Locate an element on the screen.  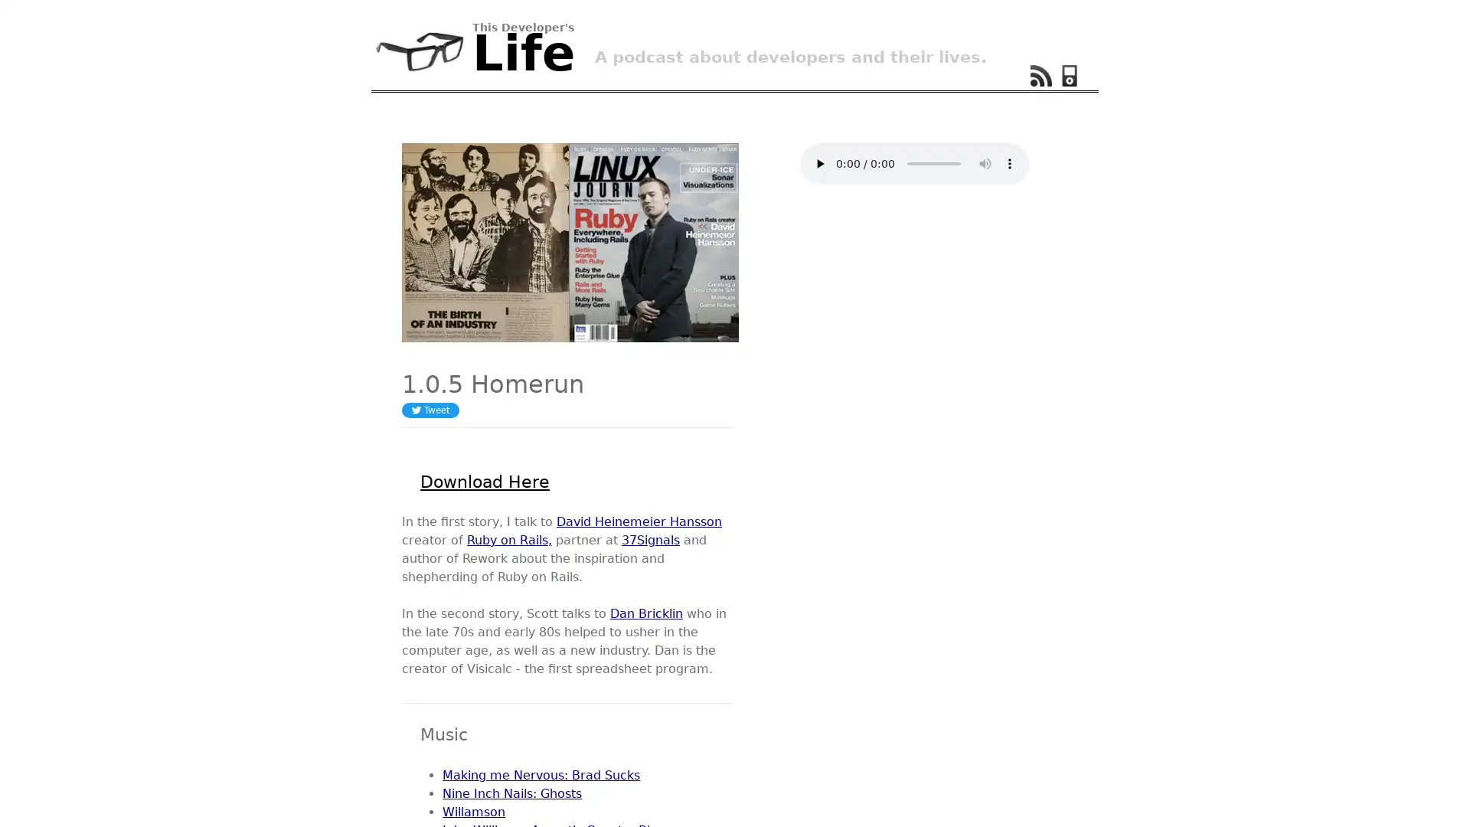
show more media controls is located at coordinates (1010, 163).